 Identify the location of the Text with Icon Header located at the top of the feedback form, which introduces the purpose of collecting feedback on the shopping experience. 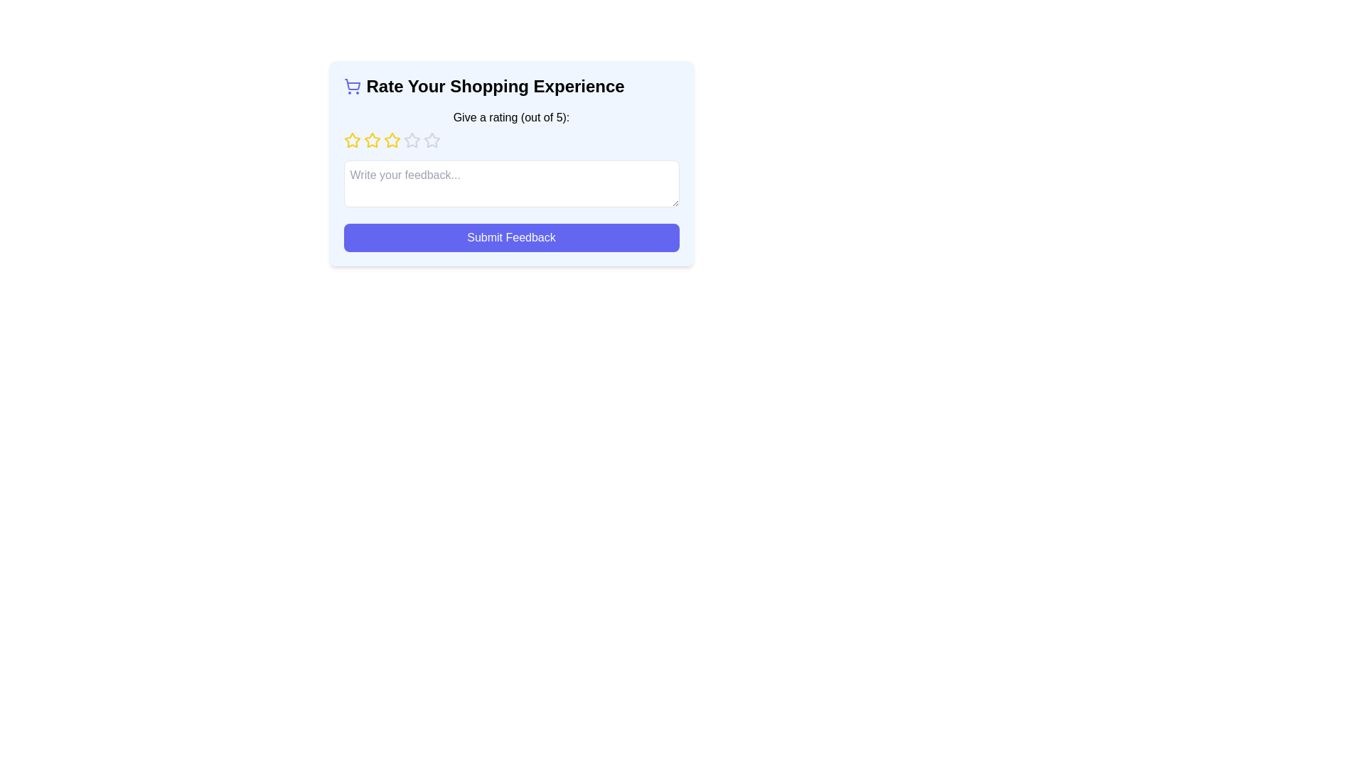
(511, 87).